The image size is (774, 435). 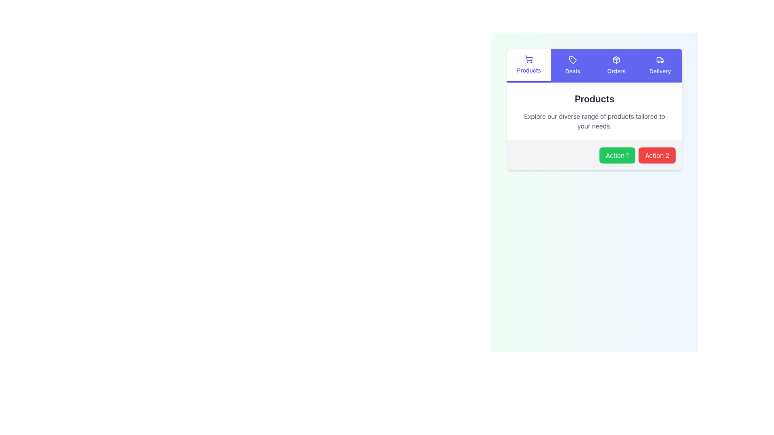 I want to click on the 'Orders' menu item, which features a package icon above the text on a blue background, positioned between 'Deals' and 'Delivery' in the navigation bar, so click(x=616, y=65).